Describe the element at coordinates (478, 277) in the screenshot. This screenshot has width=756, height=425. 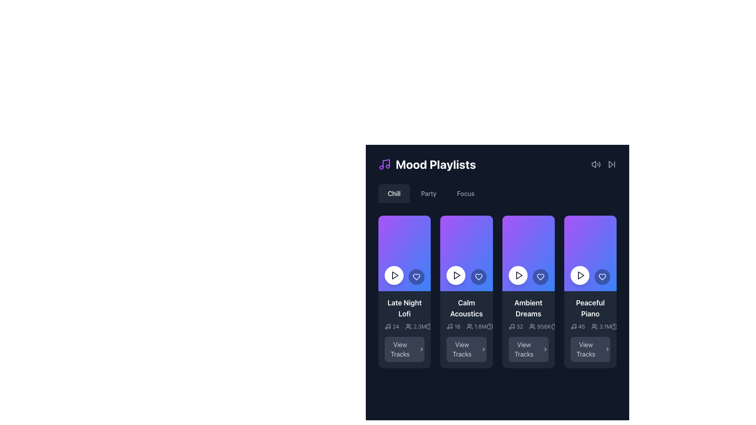
I see `the heart icon located in the third card of the mood playlist section to mark the playlist as favorite` at that location.